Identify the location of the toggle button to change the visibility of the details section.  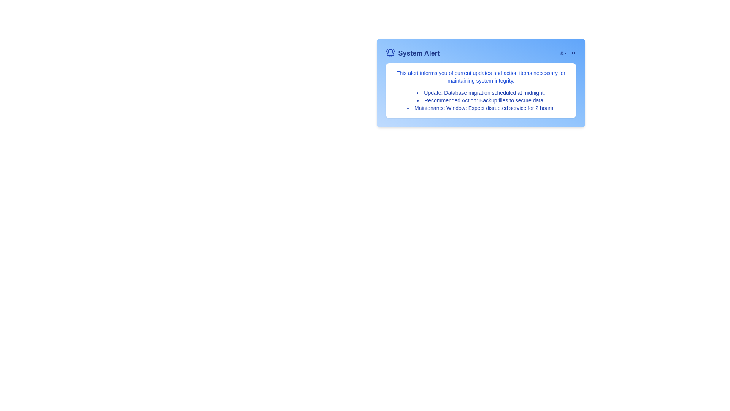
(568, 53).